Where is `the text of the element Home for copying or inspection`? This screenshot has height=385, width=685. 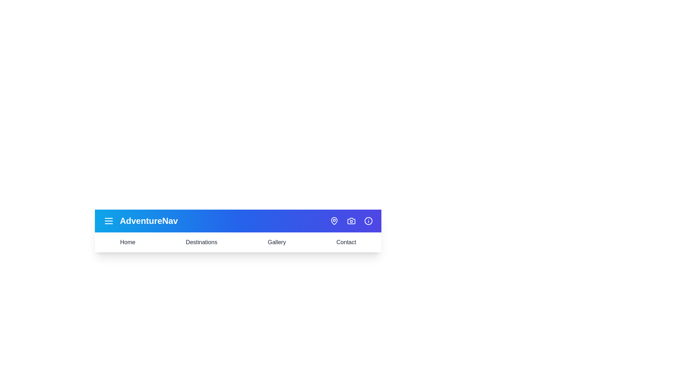 the text of the element Home for copying or inspection is located at coordinates (128, 242).